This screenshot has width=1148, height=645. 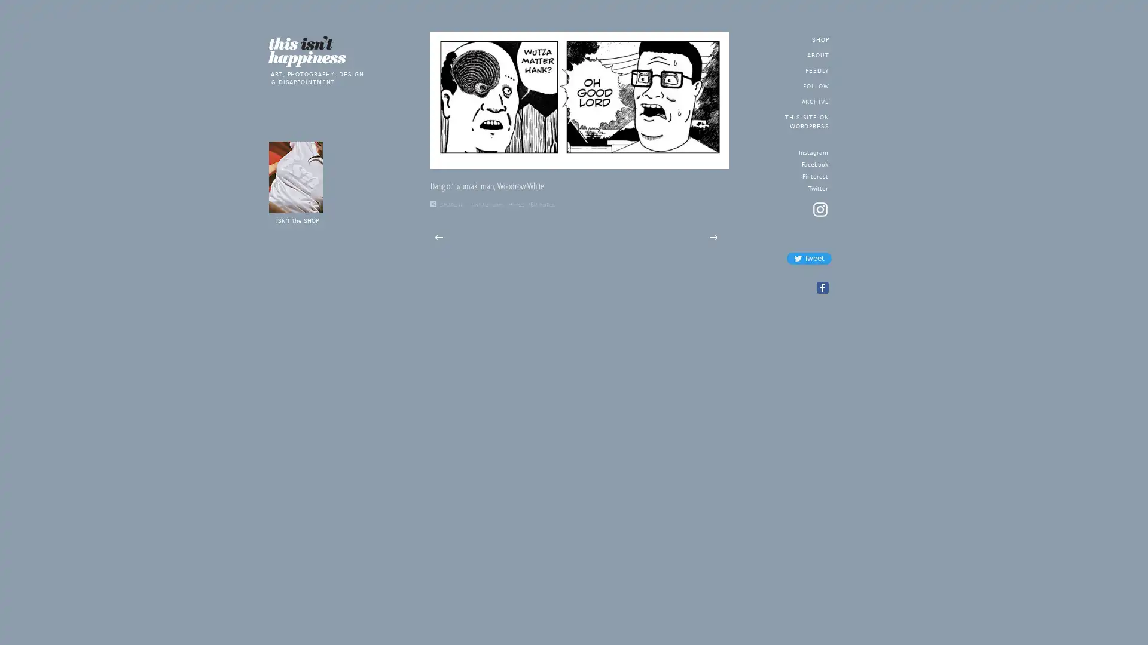 What do you see at coordinates (821, 288) in the screenshot?
I see `Share to Facebook` at bounding box center [821, 288].